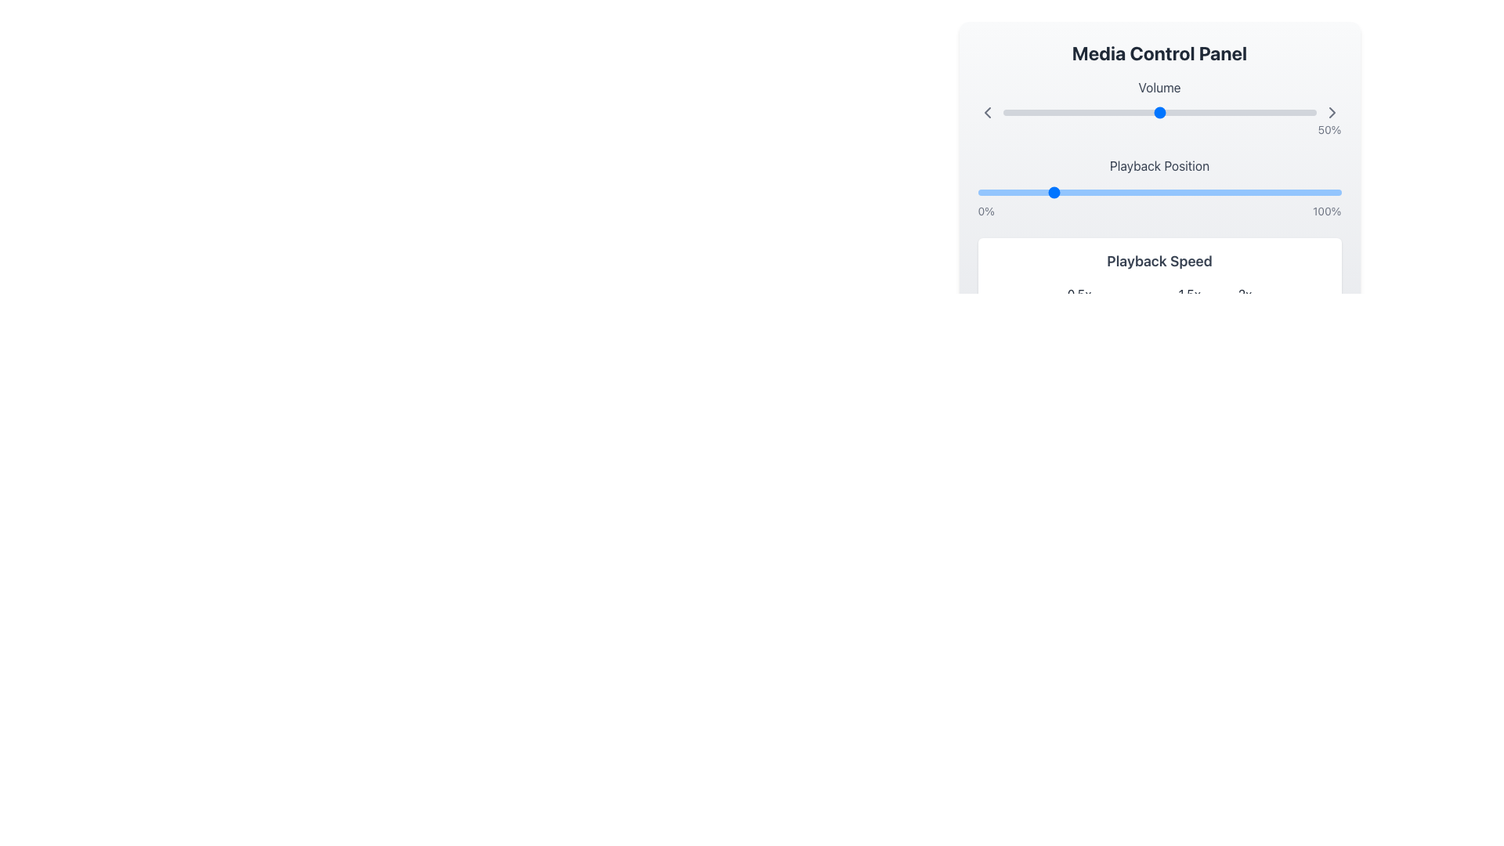  I want to click on the Text Label indicating the starting value of 0% for the 'Playback Position' slider, located at the bottom-left of the interface, so click(985, 211).